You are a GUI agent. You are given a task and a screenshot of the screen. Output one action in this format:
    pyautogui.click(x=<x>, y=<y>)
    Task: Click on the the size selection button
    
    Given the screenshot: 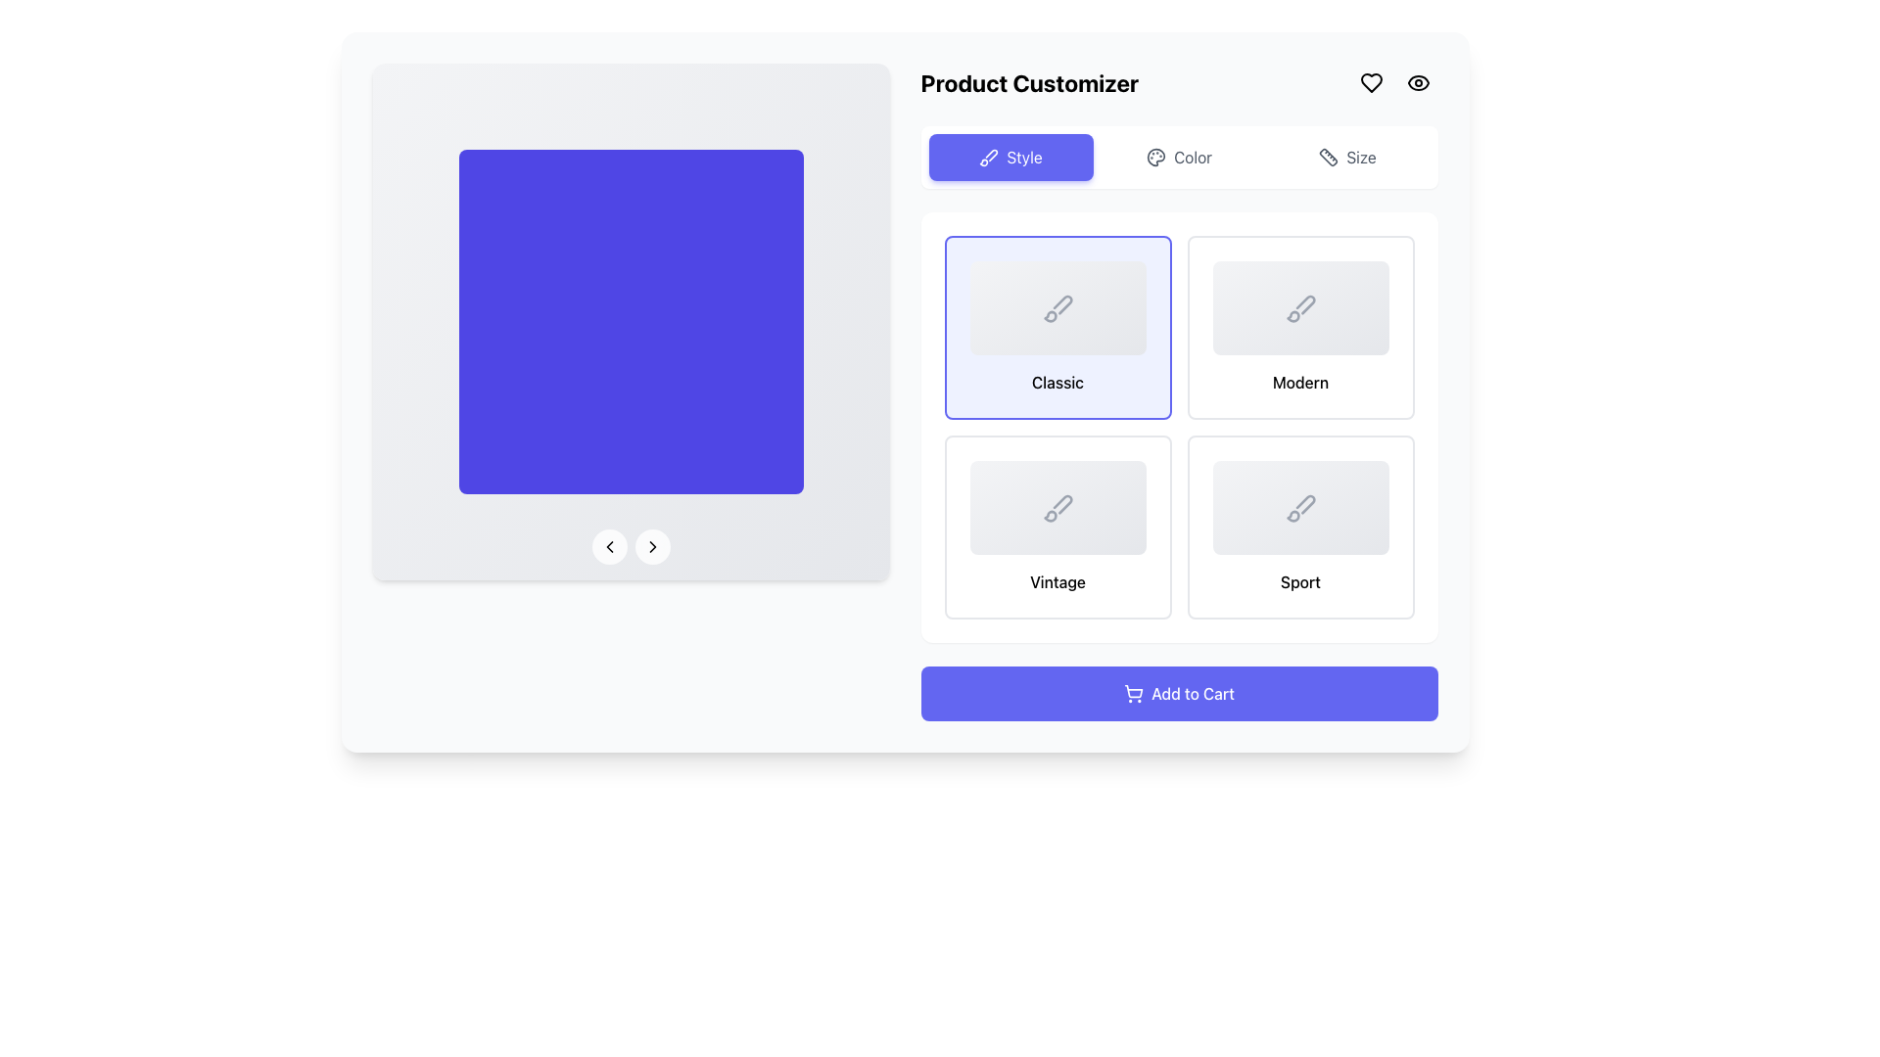 What is the action you would take?
    pyautogui.click(x=1346, y=157)
    